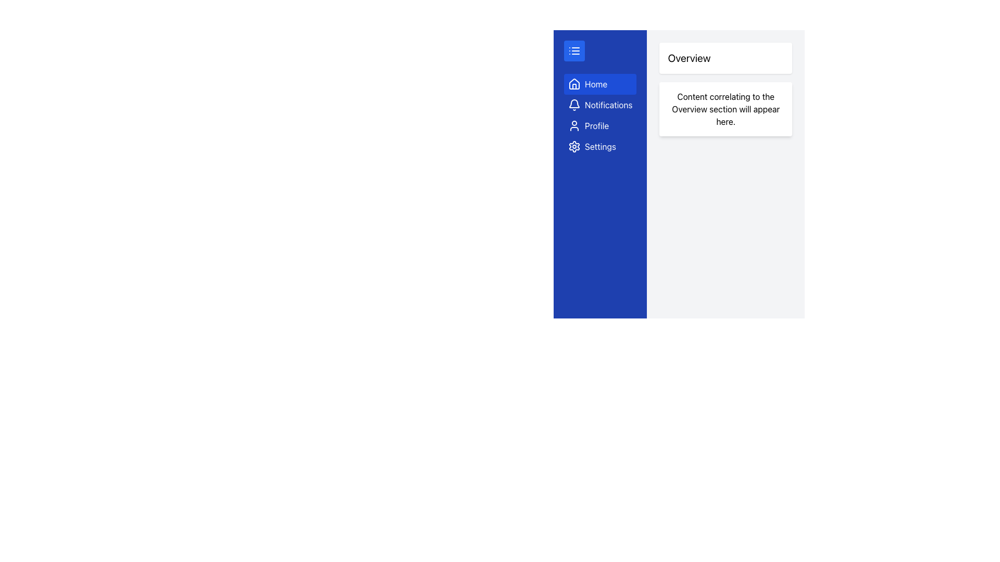 This screenshot has height=562, width=1000. I want to click on the 'Profile' text label in the sidebar menu, so click(597, 125).